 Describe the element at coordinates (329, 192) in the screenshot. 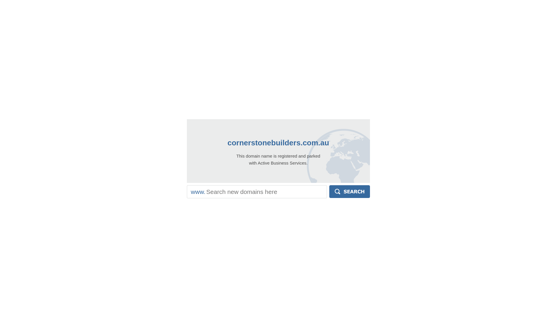

I see `'Search'` at that location.